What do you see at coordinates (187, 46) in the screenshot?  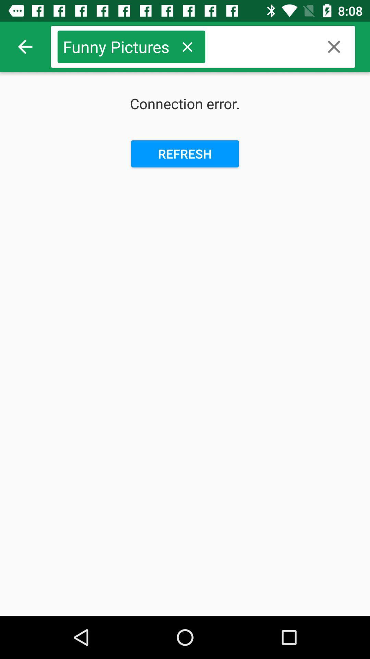 I see `delete search selection` at bounding box center [187, 46].